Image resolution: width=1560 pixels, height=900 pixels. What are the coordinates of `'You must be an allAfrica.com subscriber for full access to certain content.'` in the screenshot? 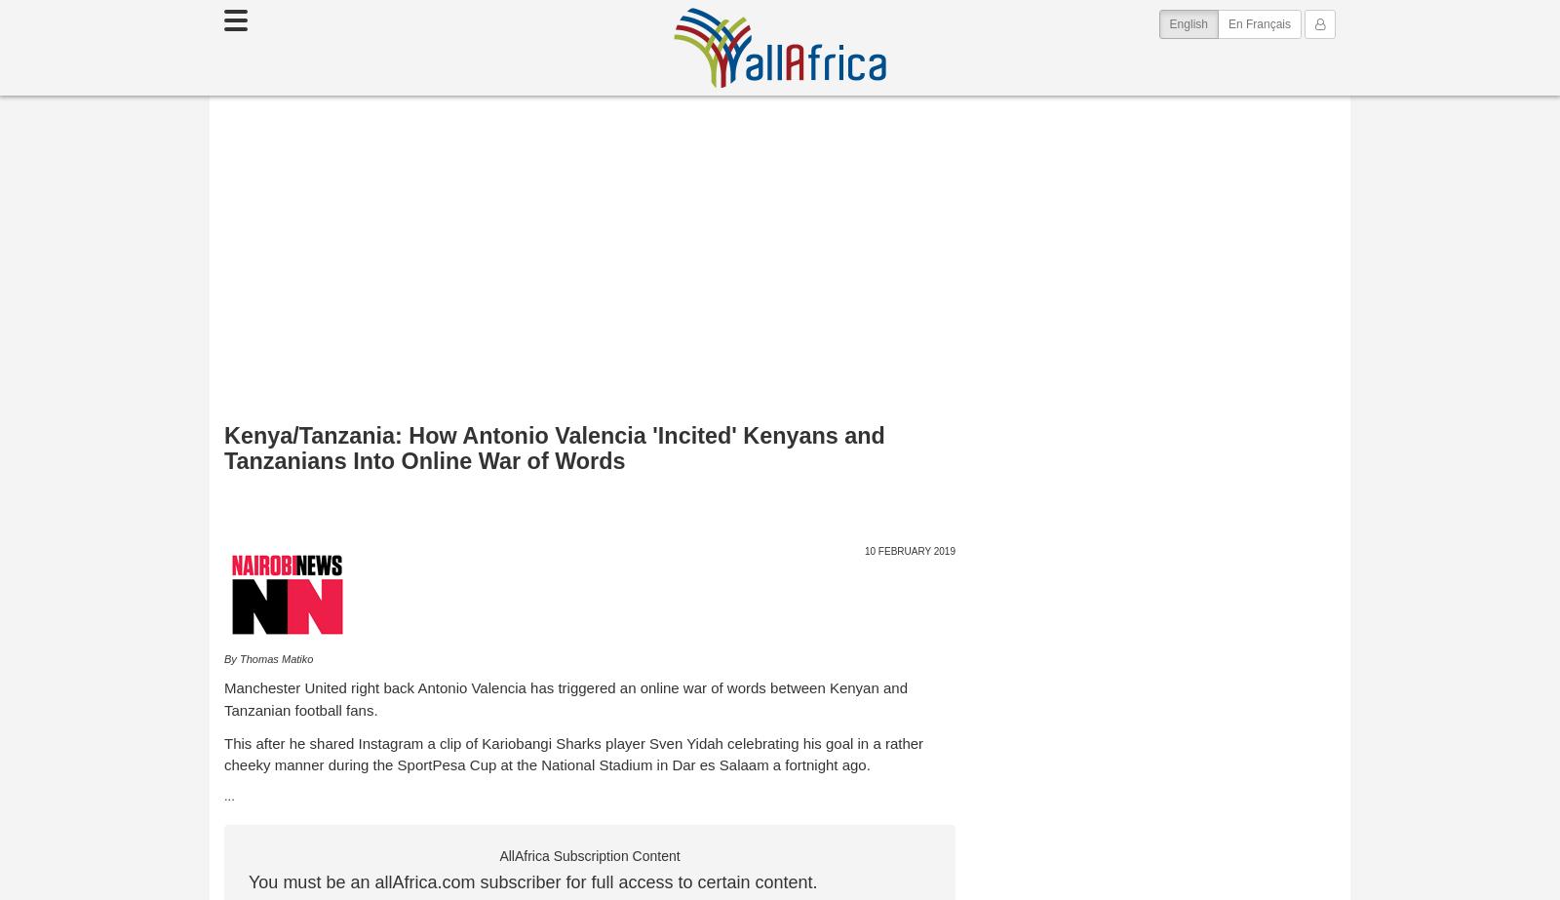 It's located at (531, 880).